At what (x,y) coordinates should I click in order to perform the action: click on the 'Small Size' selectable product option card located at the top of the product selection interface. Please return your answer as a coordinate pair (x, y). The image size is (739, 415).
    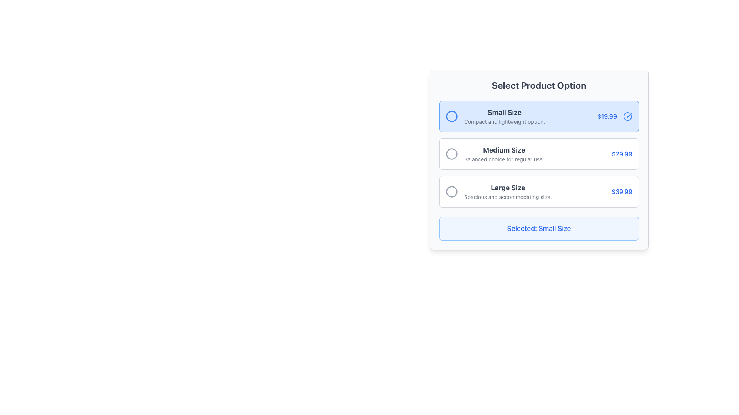
    Looking at the image, I should click on (538, 116).